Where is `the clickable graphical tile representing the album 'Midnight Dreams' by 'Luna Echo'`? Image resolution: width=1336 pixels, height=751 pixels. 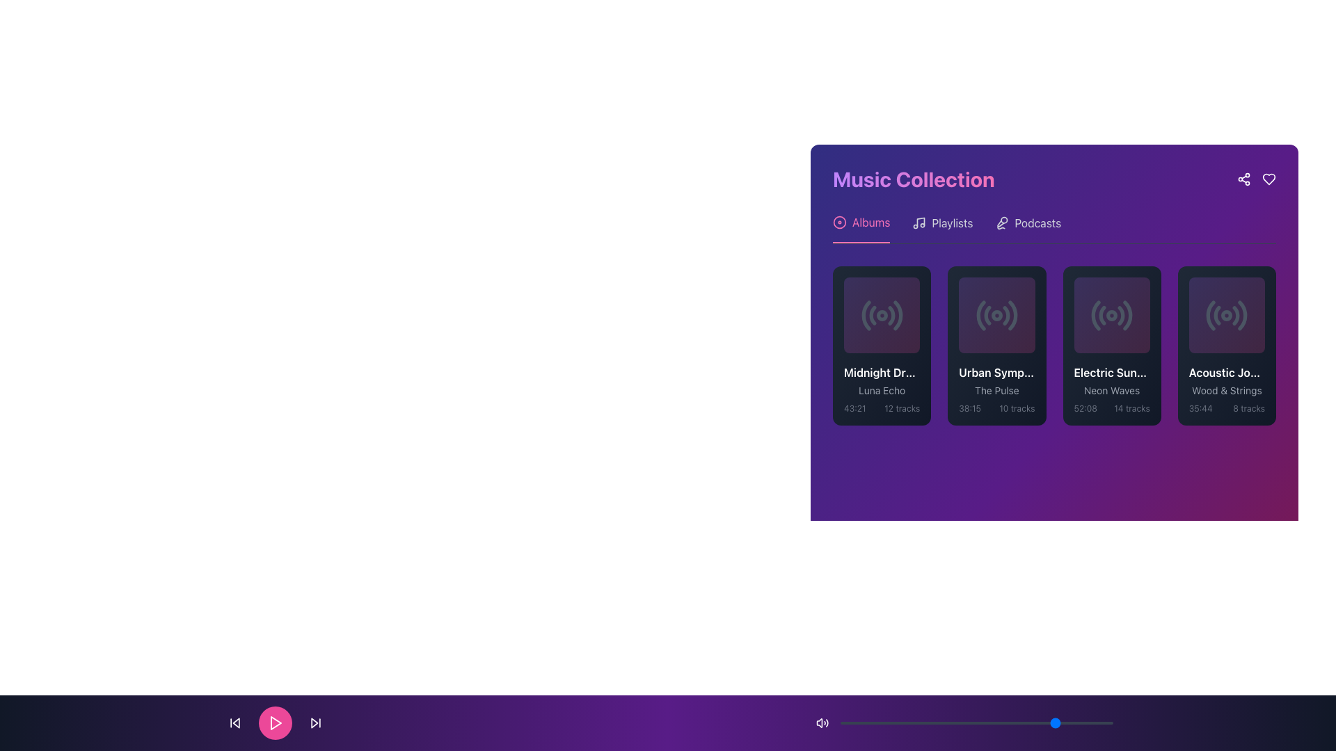
the clickable graphical tile representing the album 'Midnight Dreams' by 'Luna Echo' is located at coordinates (881, 315).